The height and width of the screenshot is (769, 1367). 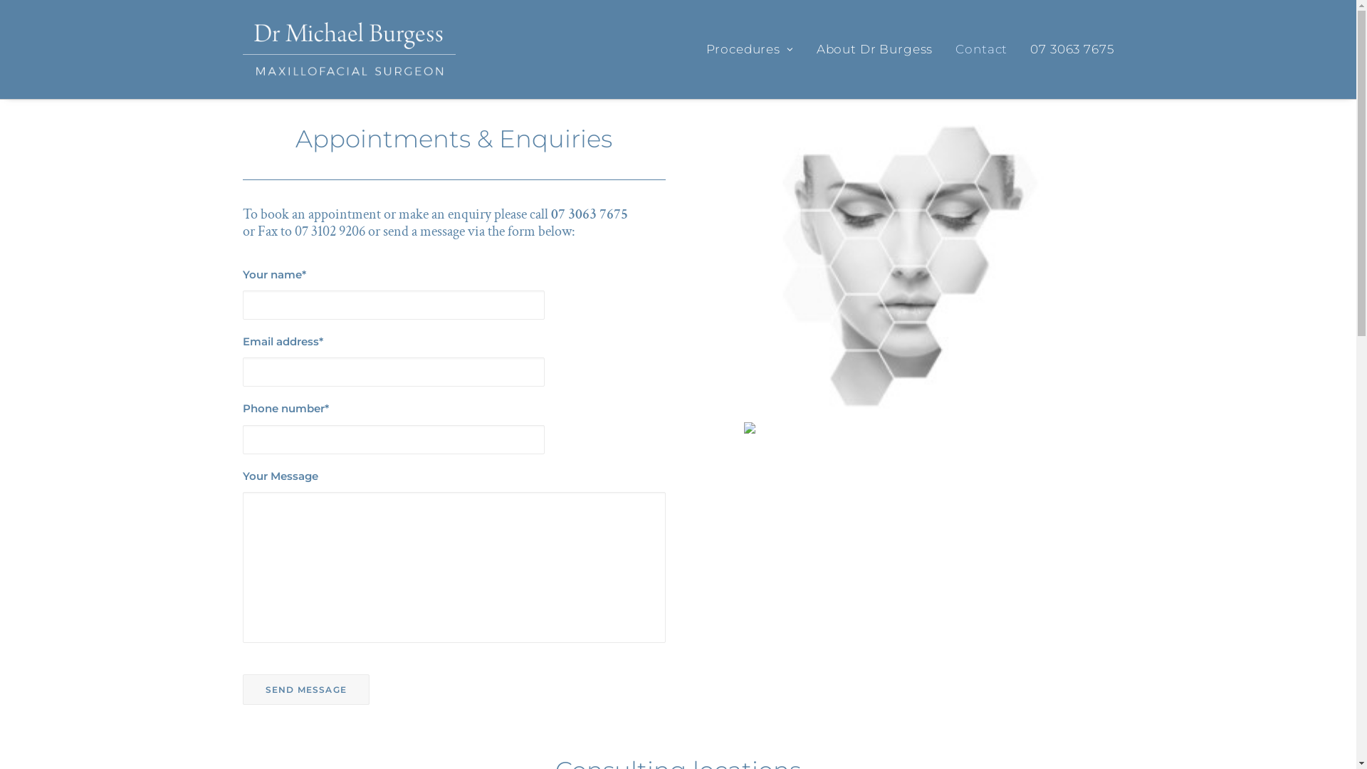 What do you see at coordinates (329, 230) in the screenshot?
I see `'07 3102 9206'` at bounding box center [329, 230].